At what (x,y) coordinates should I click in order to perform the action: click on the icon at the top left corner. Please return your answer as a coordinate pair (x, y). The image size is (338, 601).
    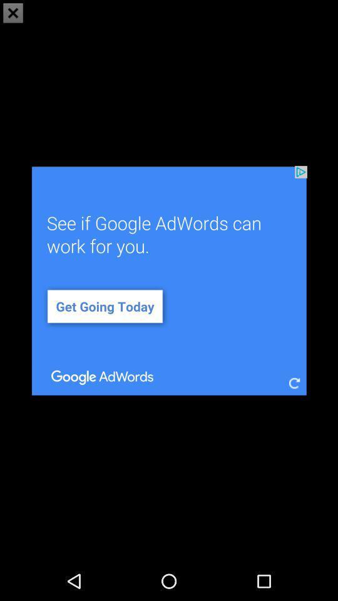
    Looking at the image, I should click on (13, 13).